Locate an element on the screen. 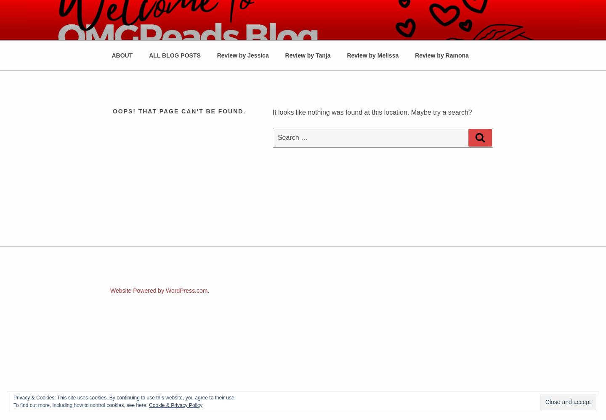 The image size is (606, 420). 'ALL BLOG POSTS' is located at coordinates (174, 55).